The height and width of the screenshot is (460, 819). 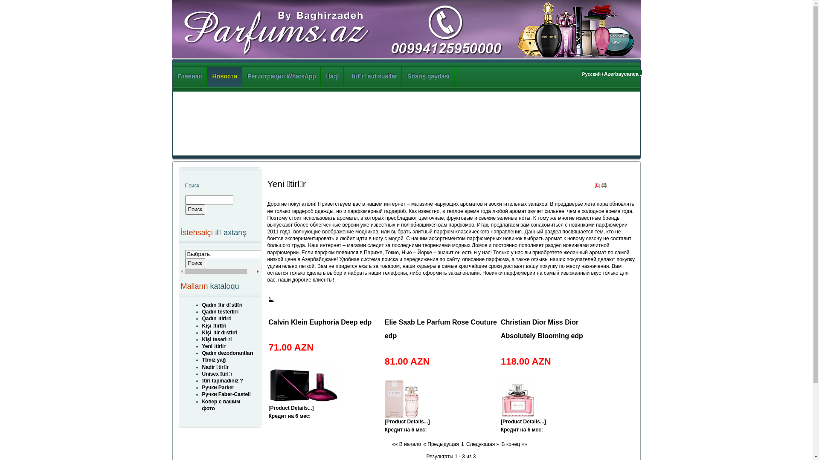 What do you see at coordinates (388, 123) in the screenshot?
I see `'Advertisement'` at bounding box center [388, 123].